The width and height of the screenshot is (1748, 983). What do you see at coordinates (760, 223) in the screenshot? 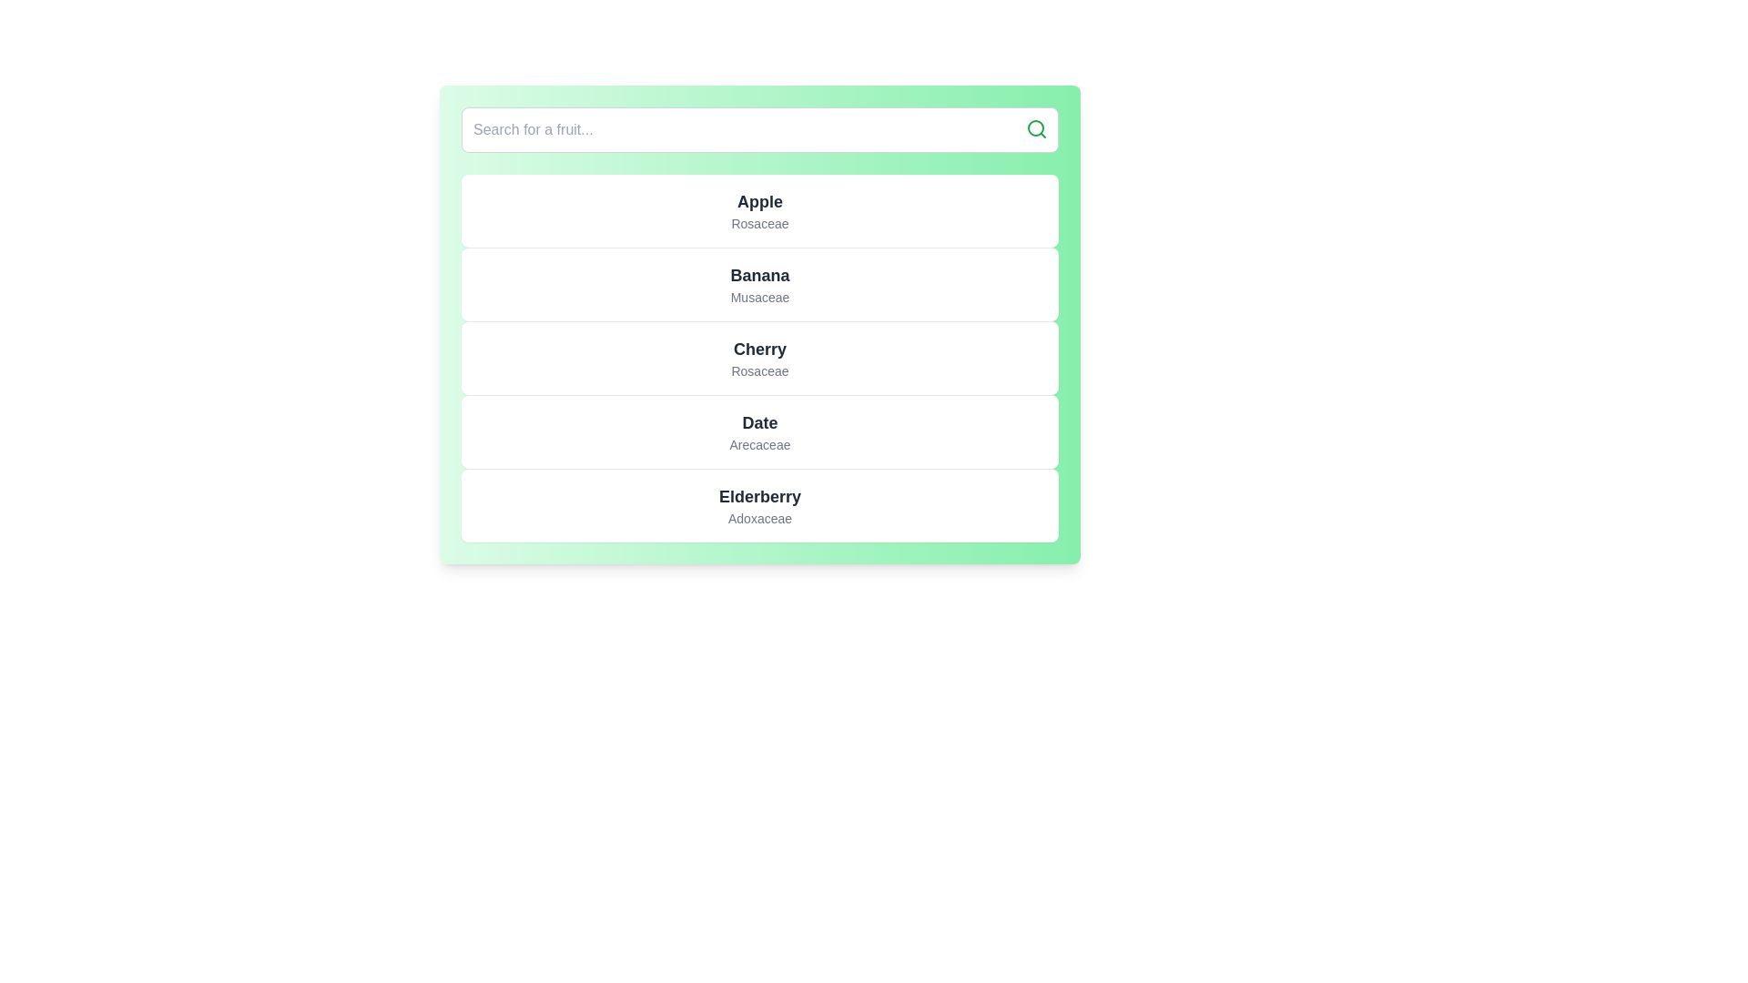
I see `the Text label displaying the scientific family name 'Rosaceae' for the item 'Apple', located directly below the 'Apple' text within the card` at bounding box center [760, 223].